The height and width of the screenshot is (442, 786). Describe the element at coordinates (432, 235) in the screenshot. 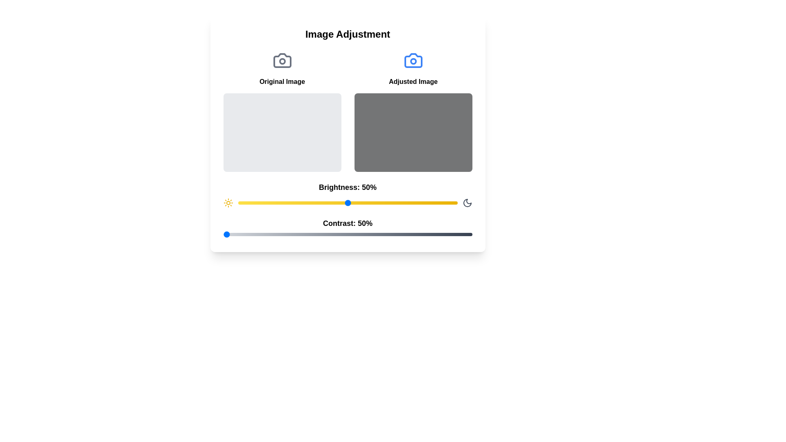

I see `the contrast` at that location.